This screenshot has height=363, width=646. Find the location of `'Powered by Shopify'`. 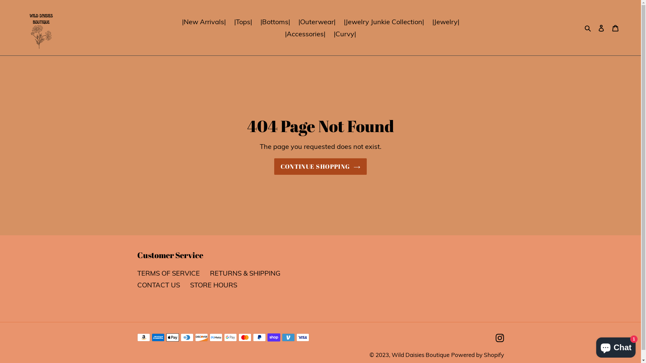

'Powered by Shopify' is located at coordinates (451, 354).